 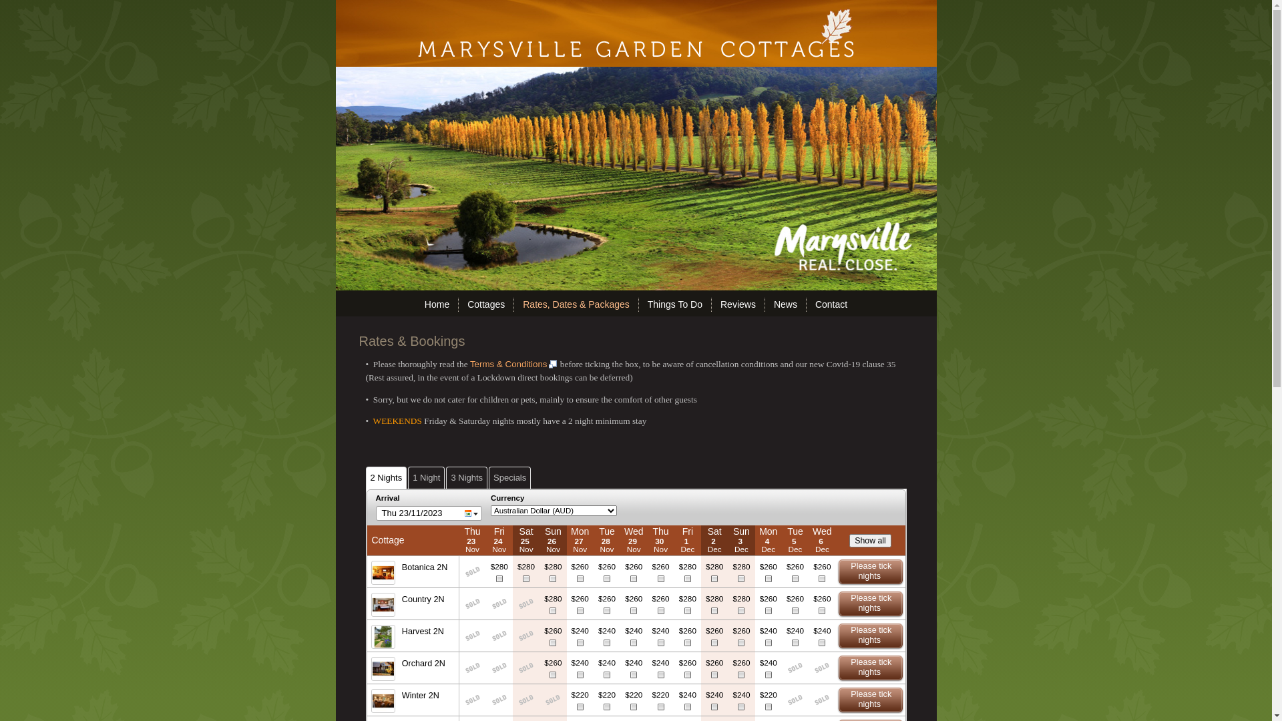 I want to click on 'Contact', so click(x=830, y=304).